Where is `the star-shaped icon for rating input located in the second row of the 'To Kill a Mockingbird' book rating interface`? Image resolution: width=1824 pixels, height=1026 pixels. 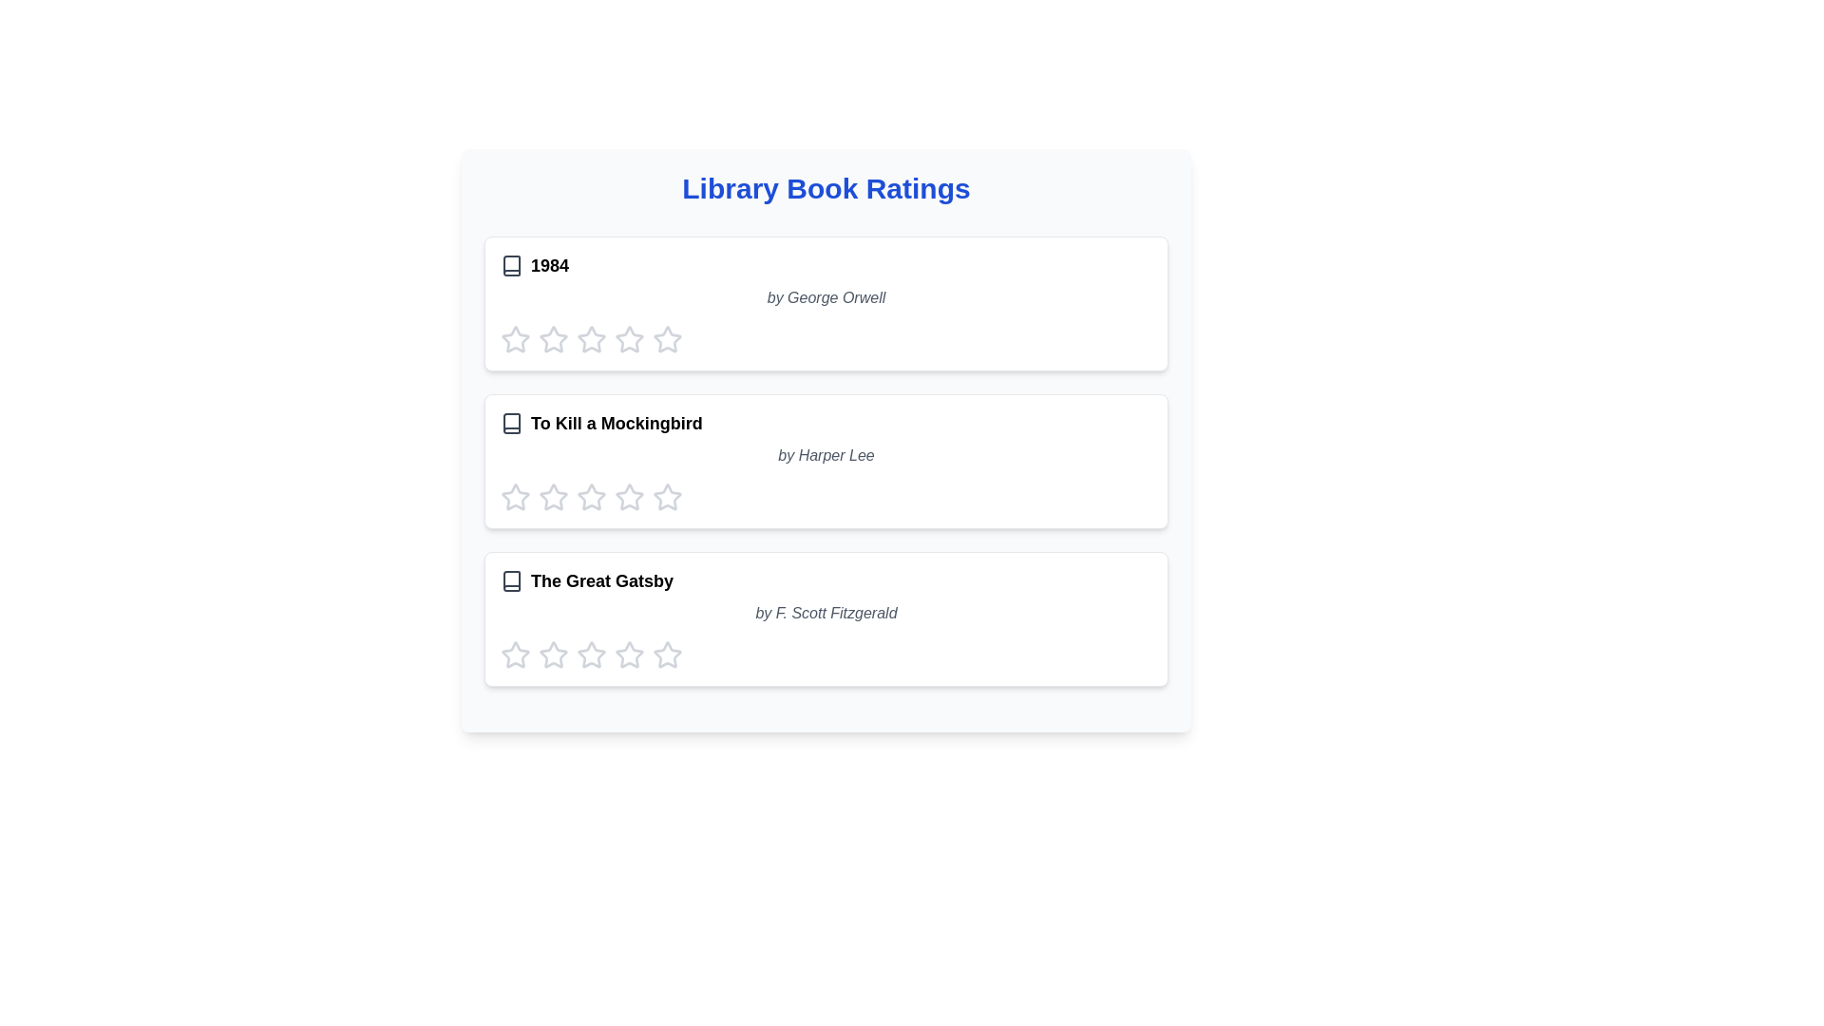 the star-shaped icon for rating input located in the second row of the 'To Kill a Mockingbird' book rating interface is located at coordinates (552, 496).